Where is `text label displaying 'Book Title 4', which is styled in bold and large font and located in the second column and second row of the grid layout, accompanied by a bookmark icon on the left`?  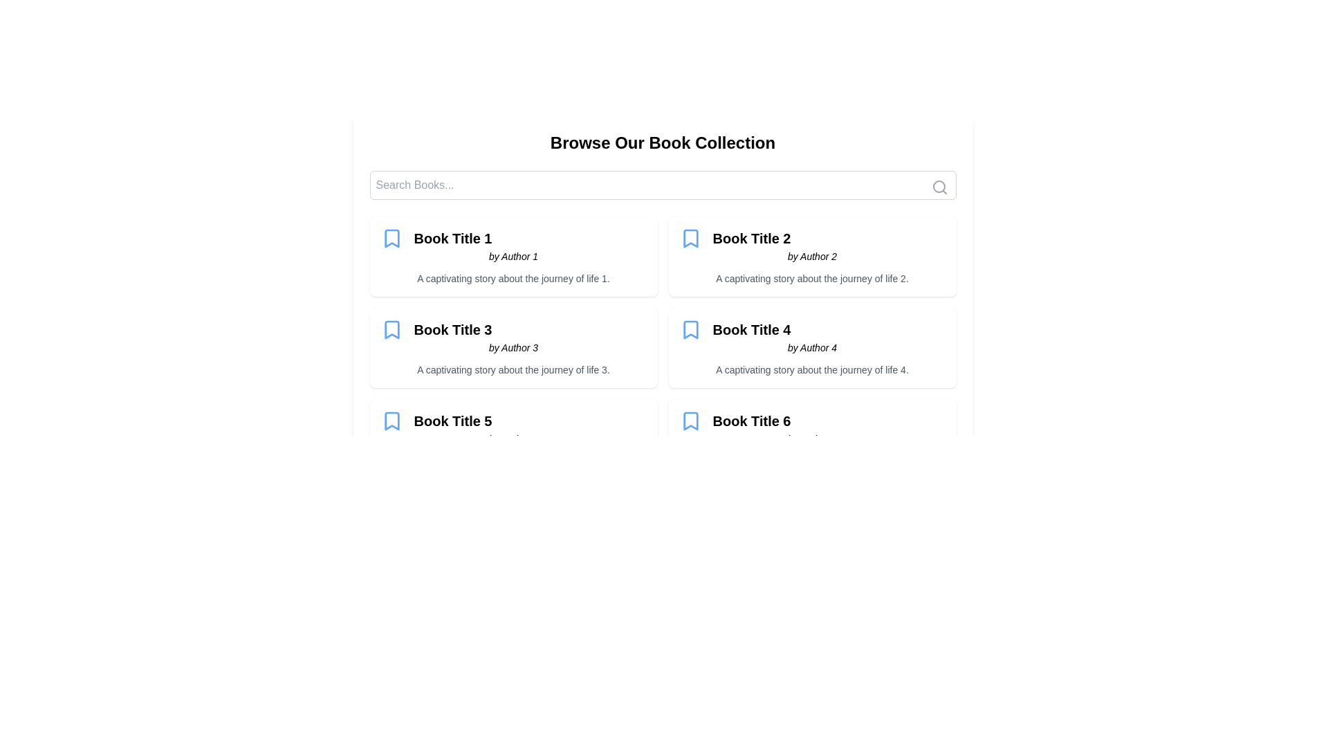 text label displaying 'Book Title 4', which is styled in bold and large font and located in the second column and second row of the grid layout, accompanied by a bookmark icon on the left is located at coordinates (750, 330).